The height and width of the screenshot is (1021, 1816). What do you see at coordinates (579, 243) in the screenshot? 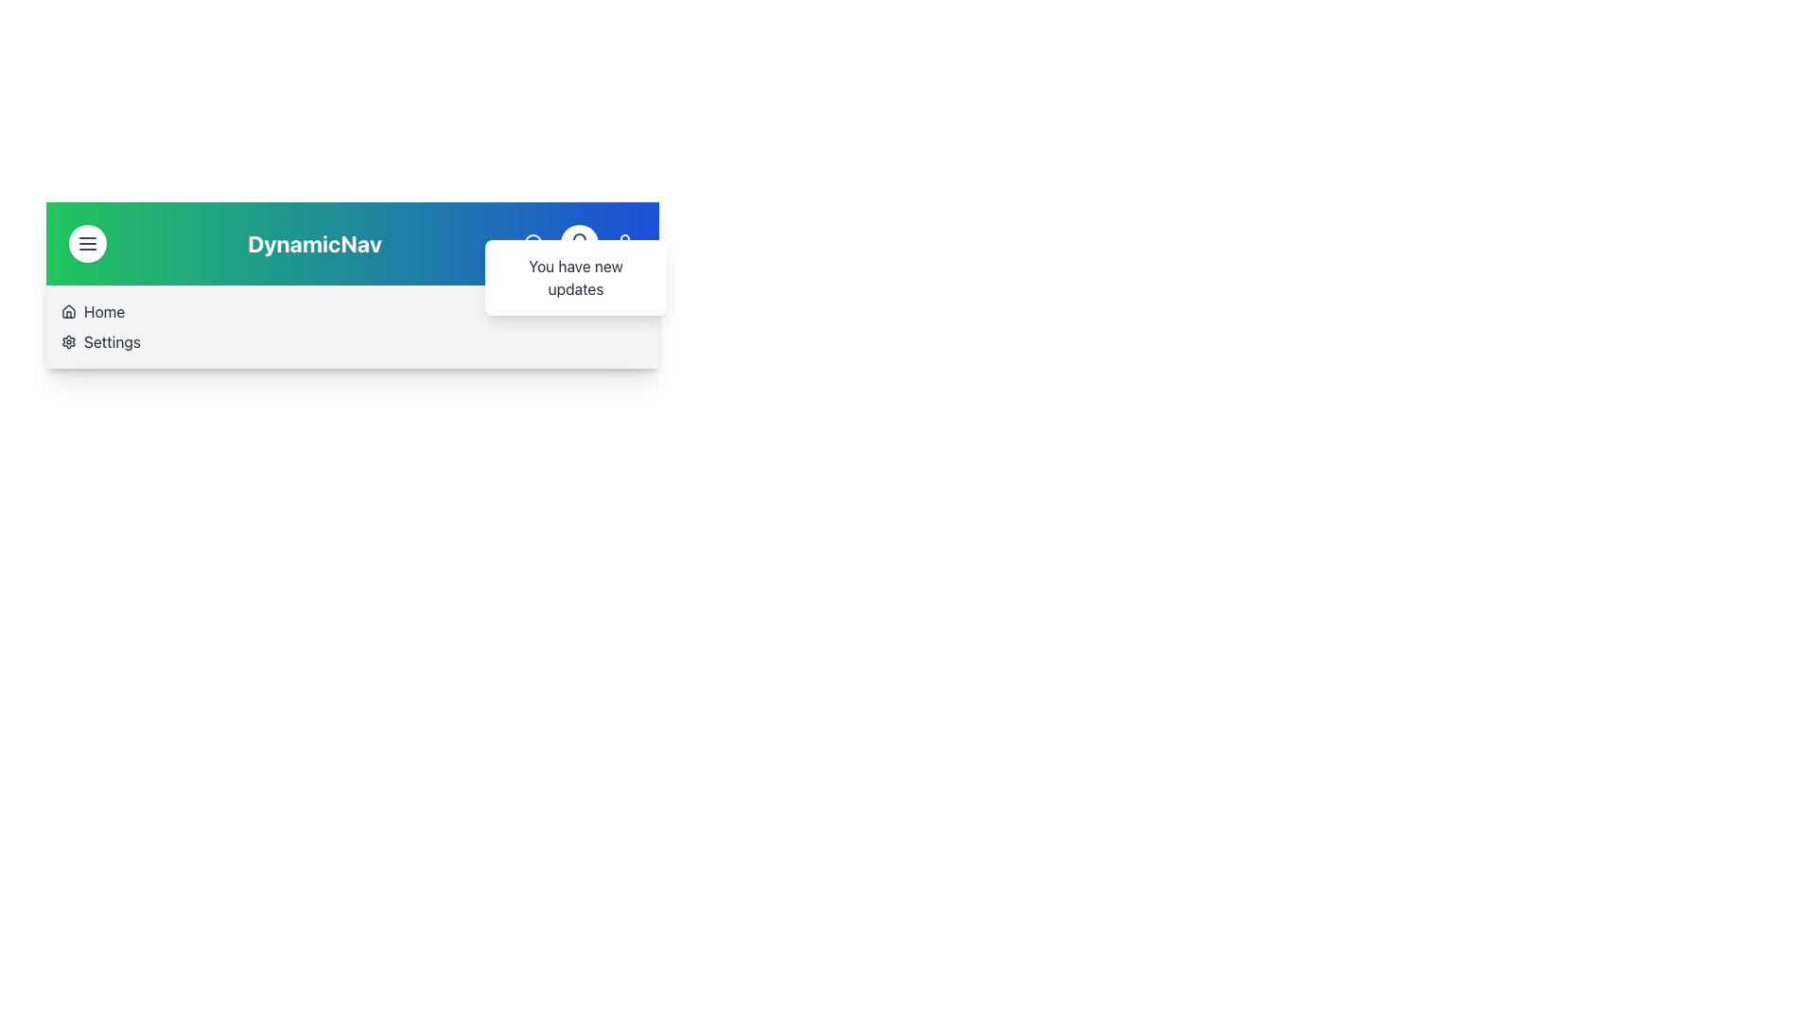
I see `the bell icon button in the navigation bar` at bounding box center [579, 243].